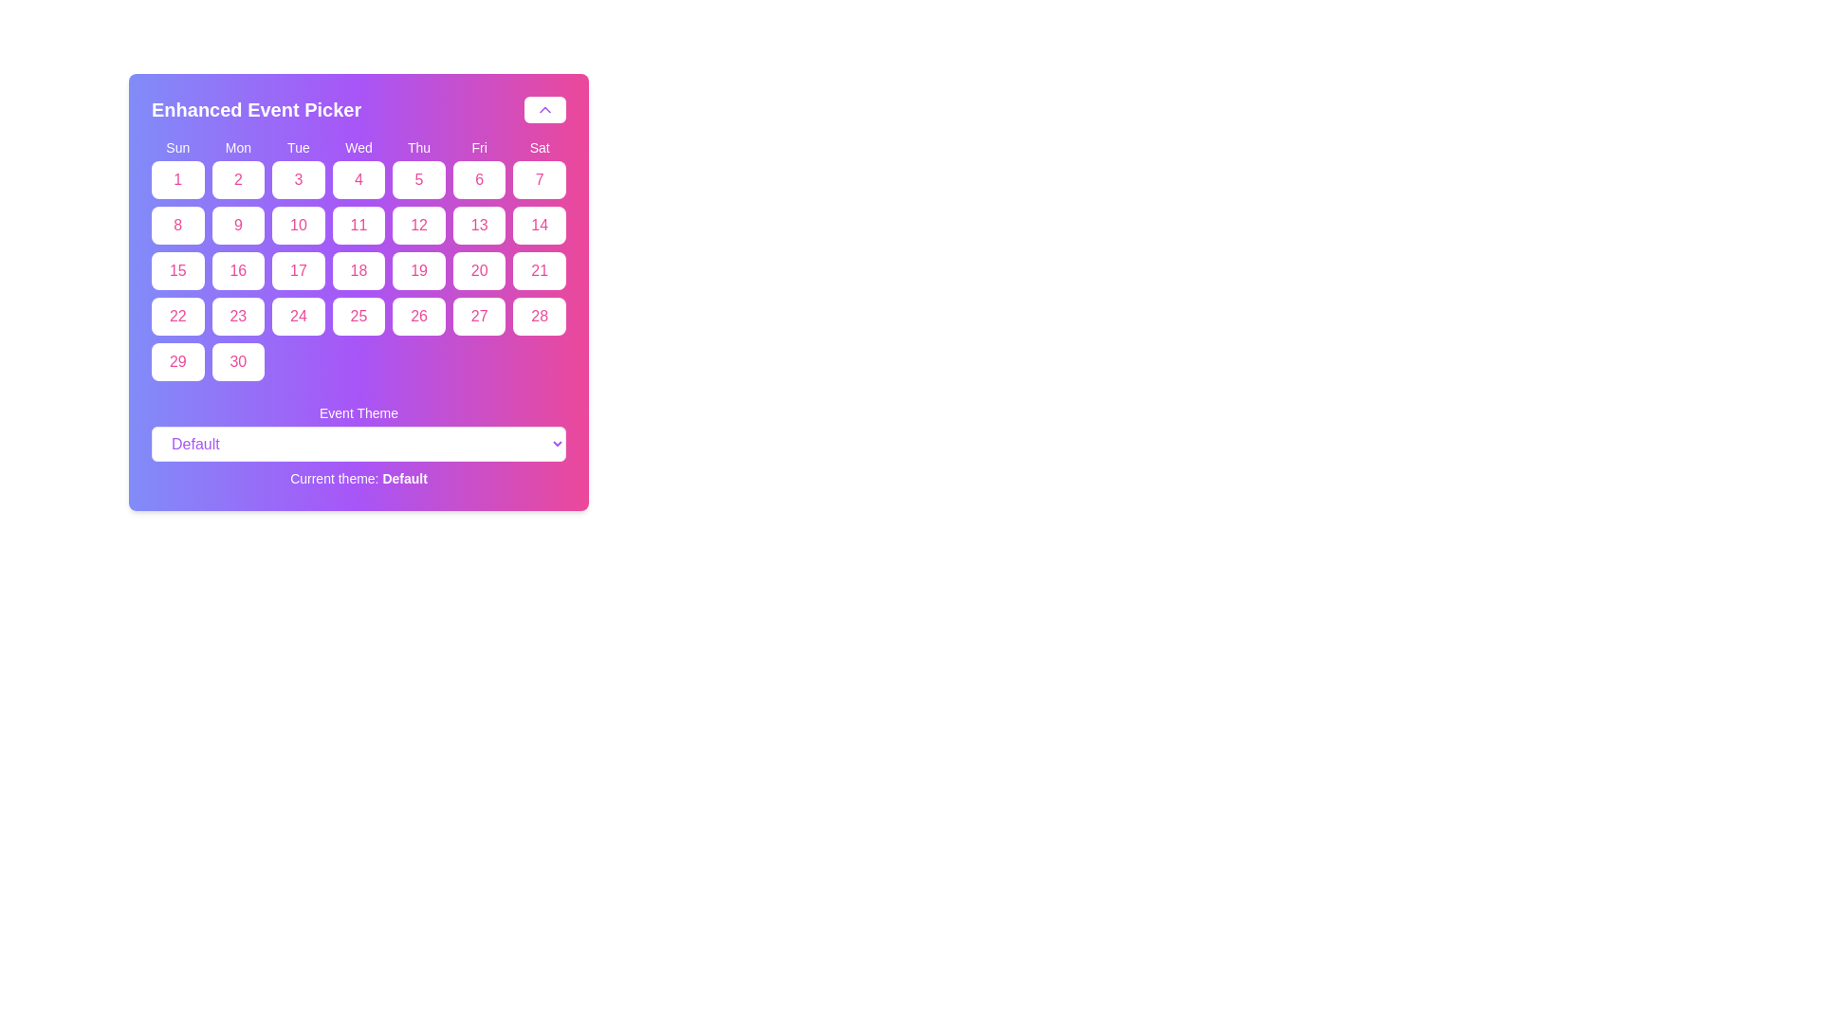 The width and height of the screenshot is (1821, 1024). I want to click on the button labeled '27' which is the last button in the grid of a calendar interface, styled with rounded corners and pink text, so click(479, 316).